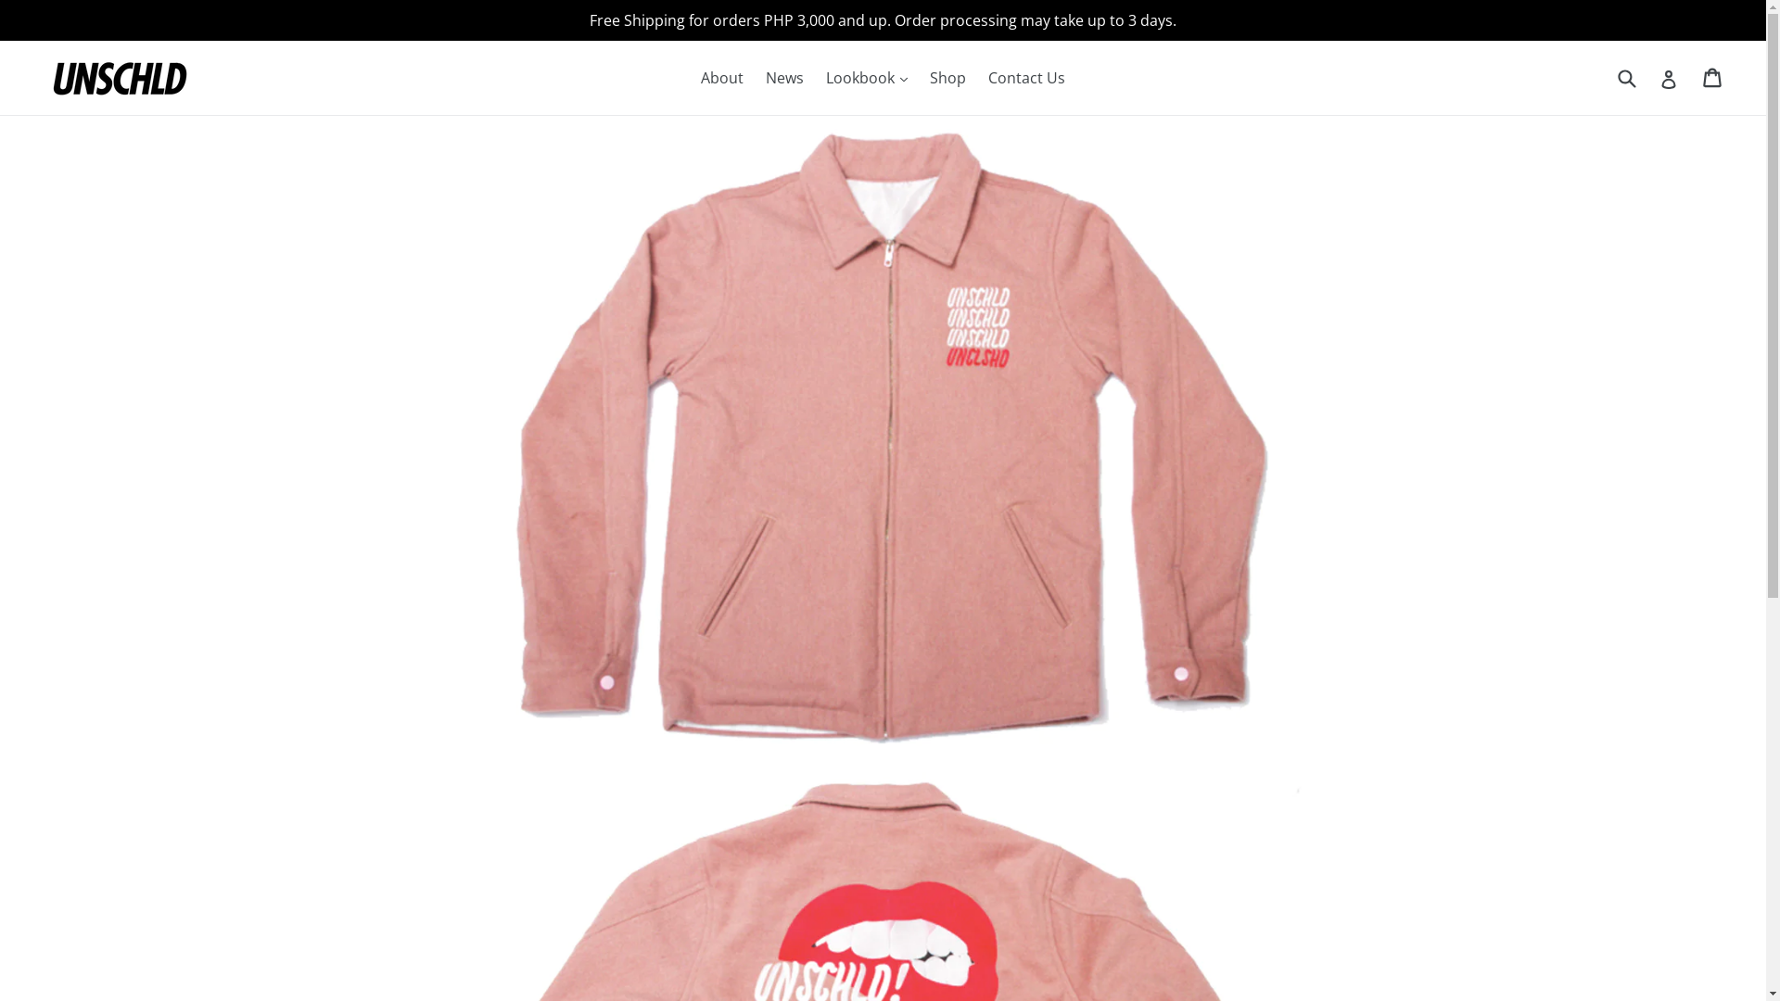  What do you see at coordinates (1025, 77) in the screenshot?
I see `'Contact Us'` at bounding box center [1025, 77].